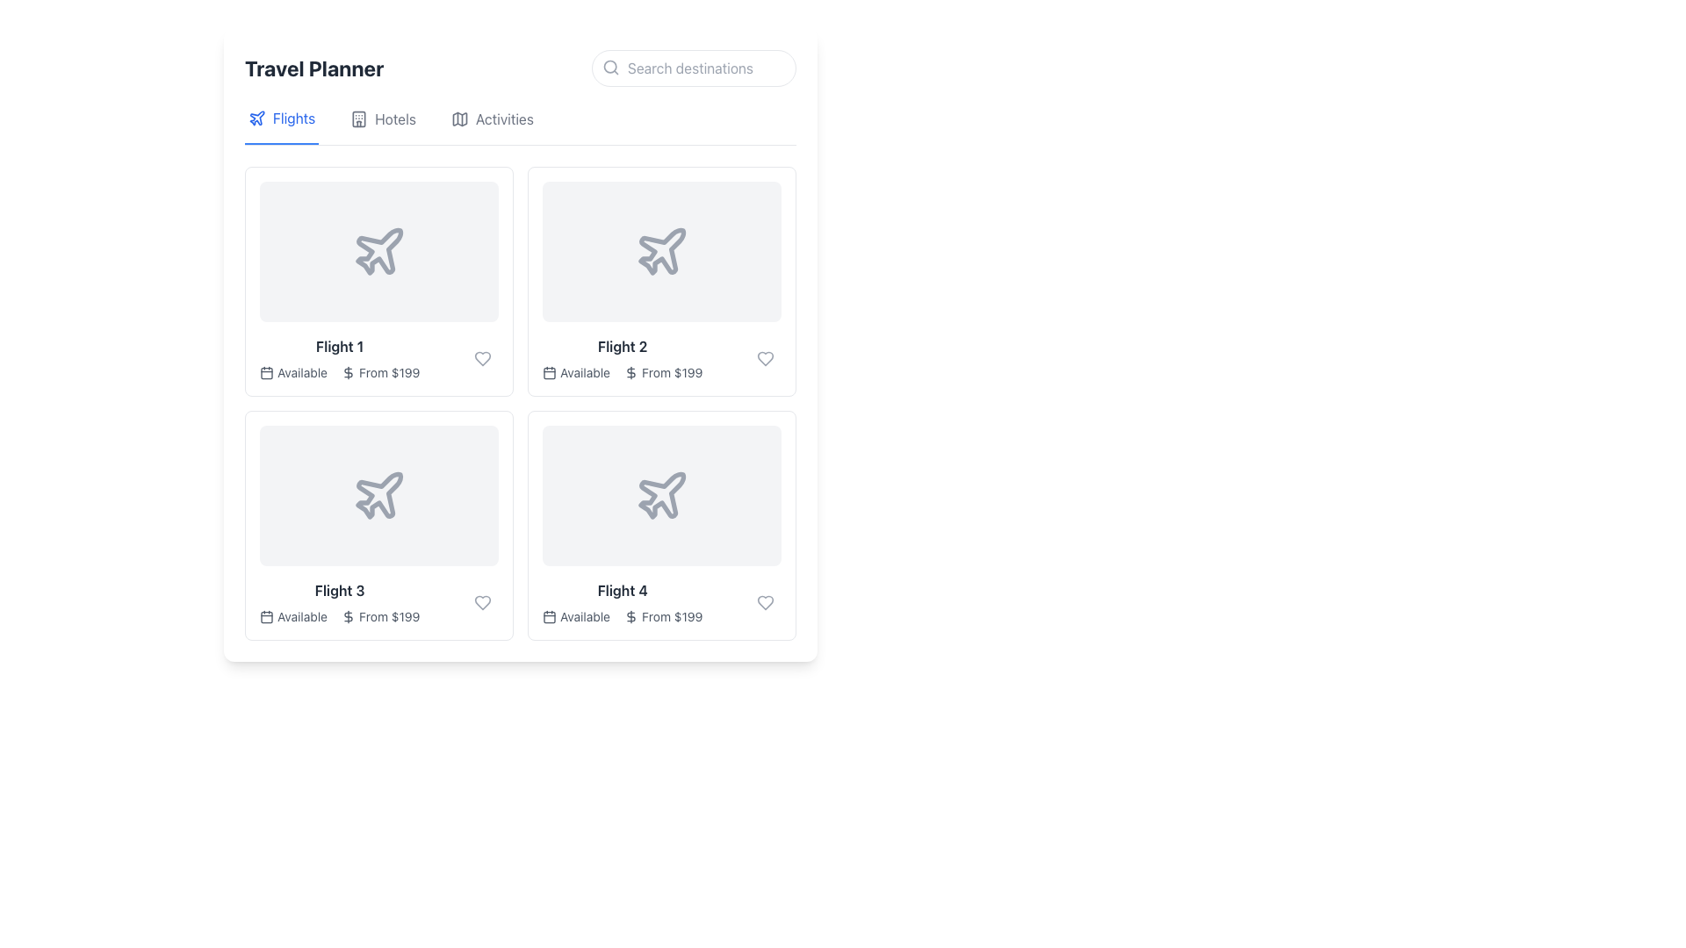 This screenshot has width=1686, height=948. I want to click on the 'Activities' navigation tab, which is the third option in the top navigation bar, to change its appearance, so click(520, 125).